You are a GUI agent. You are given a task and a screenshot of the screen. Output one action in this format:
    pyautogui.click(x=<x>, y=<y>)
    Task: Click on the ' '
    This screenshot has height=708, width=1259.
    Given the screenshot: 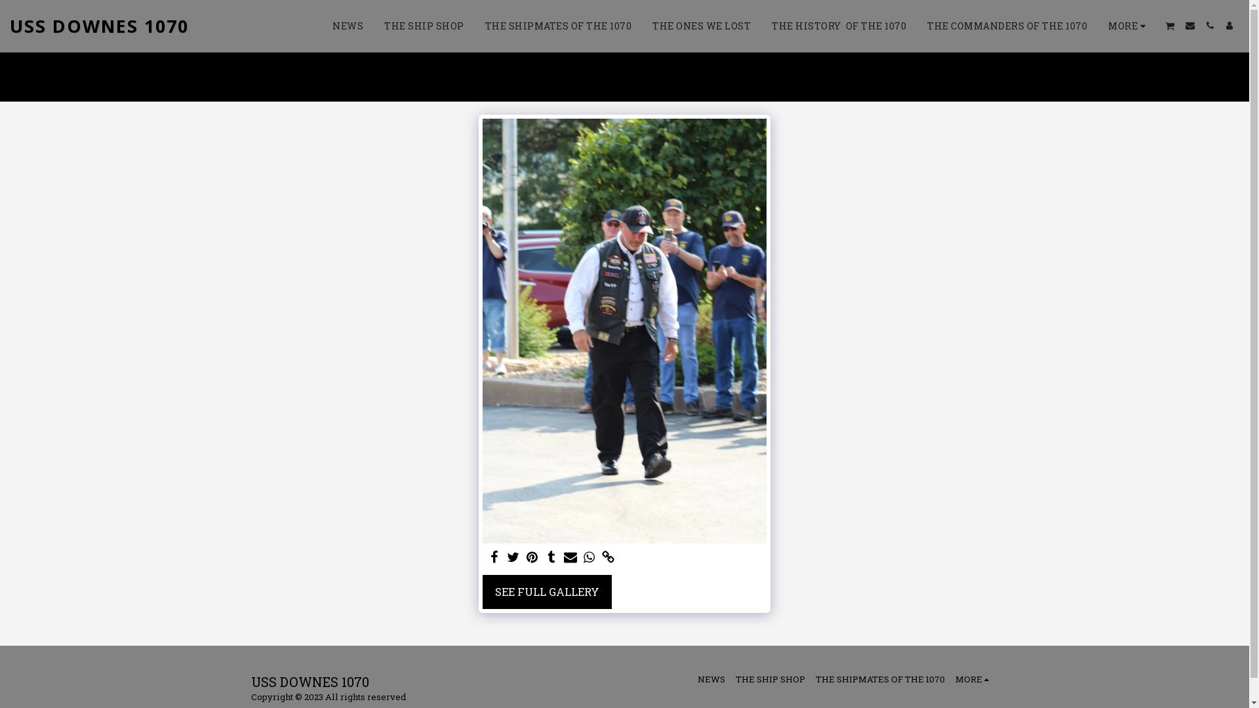 What is the action you would take?
    pyautogui.click(x=570, y=558)
    